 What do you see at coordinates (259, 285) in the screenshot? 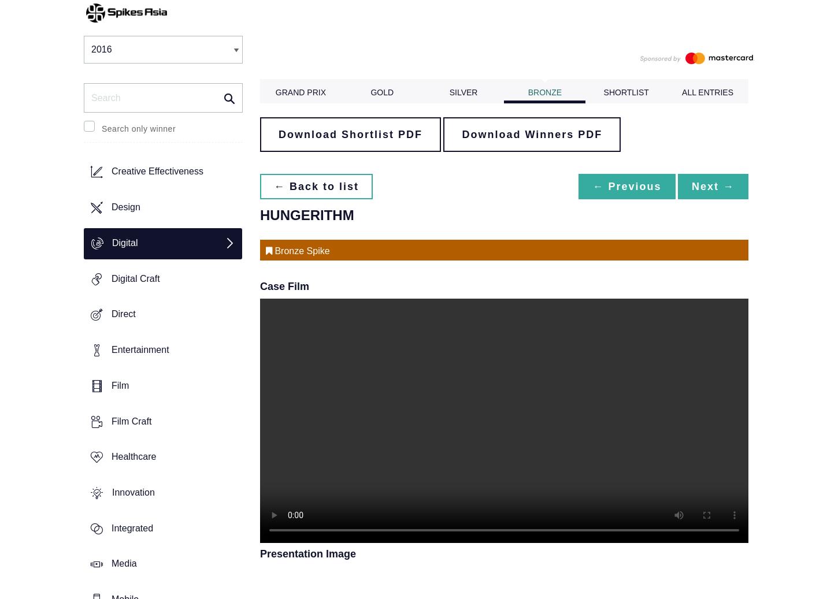
I see `'Case Film'` at bounding box center [259, 285].